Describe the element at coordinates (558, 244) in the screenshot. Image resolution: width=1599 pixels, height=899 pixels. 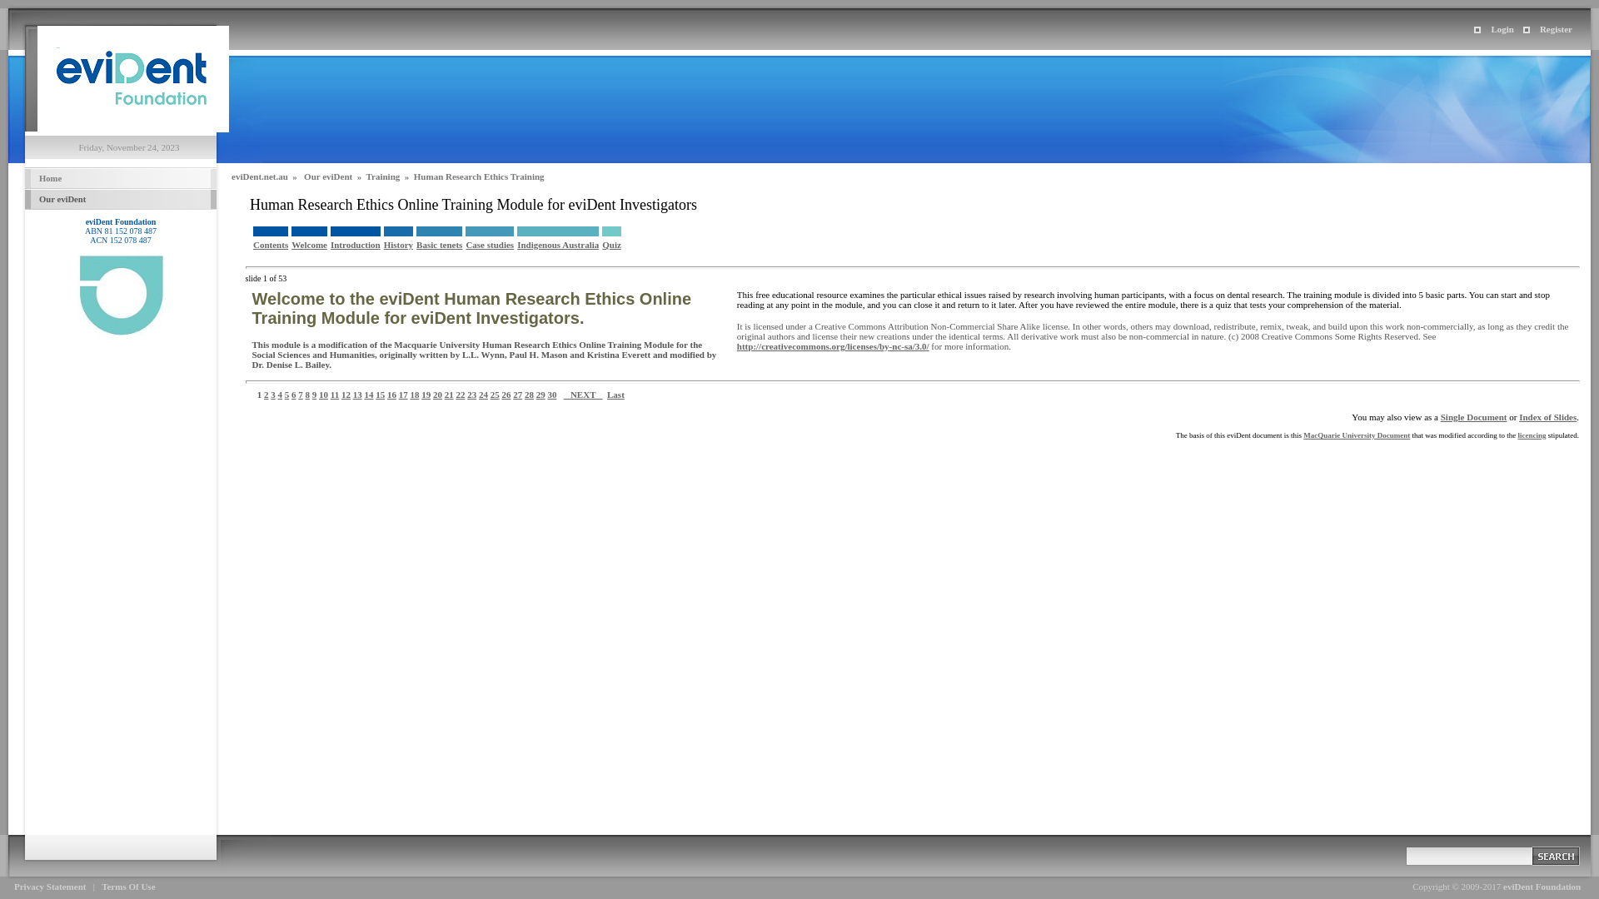
I see `'Indigenous Australia'` at that location.